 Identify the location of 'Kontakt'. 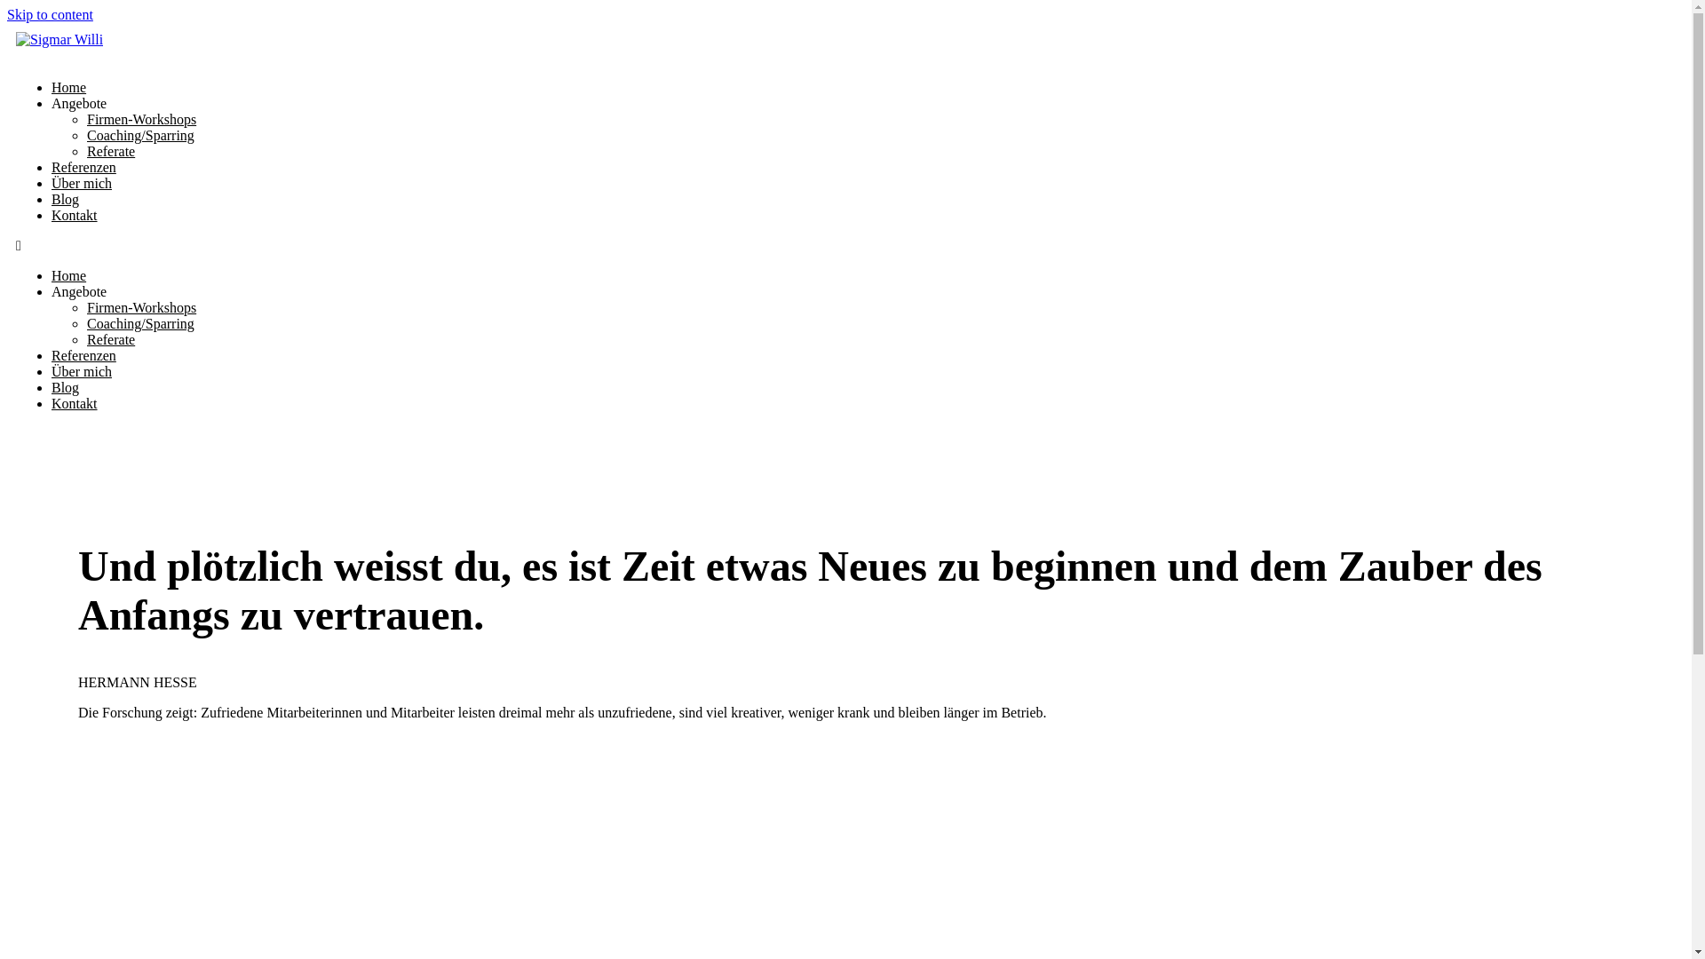
(73, 214).